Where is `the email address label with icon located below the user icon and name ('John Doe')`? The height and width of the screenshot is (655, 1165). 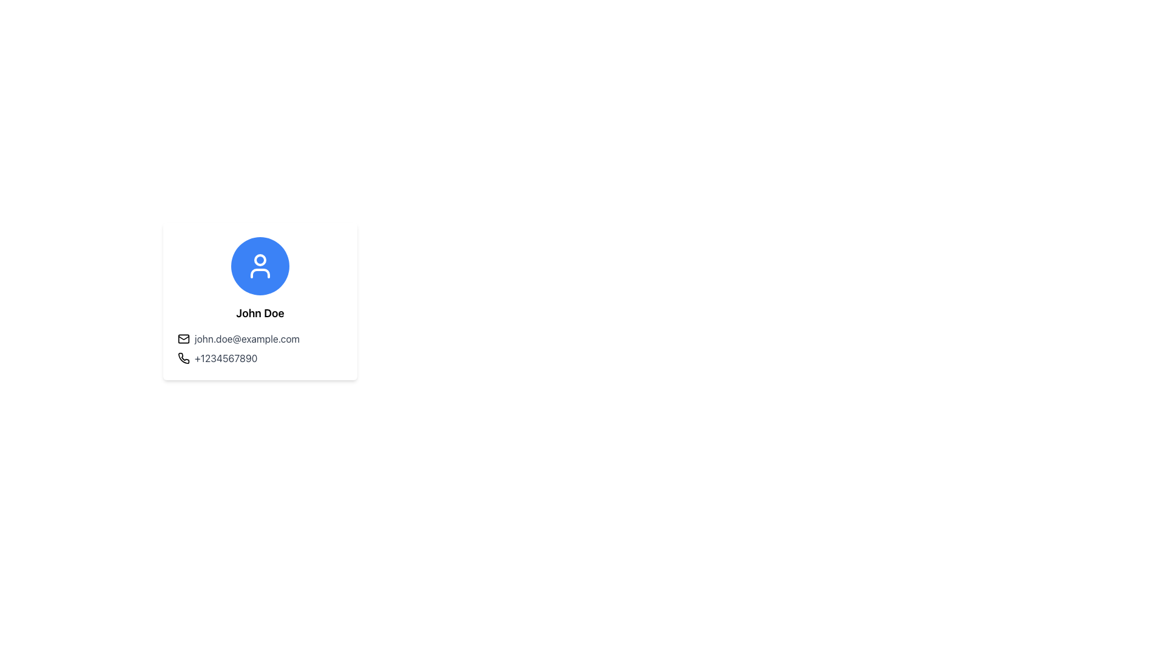
the email address label with icon located below the user icon and name ('John Doe') is located at coordinates (259, 339).